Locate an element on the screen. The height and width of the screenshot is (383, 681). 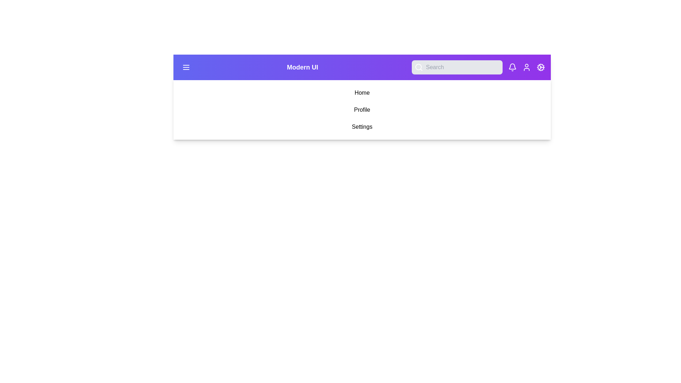
the menu item Profile is located at coordinates (362, 110).